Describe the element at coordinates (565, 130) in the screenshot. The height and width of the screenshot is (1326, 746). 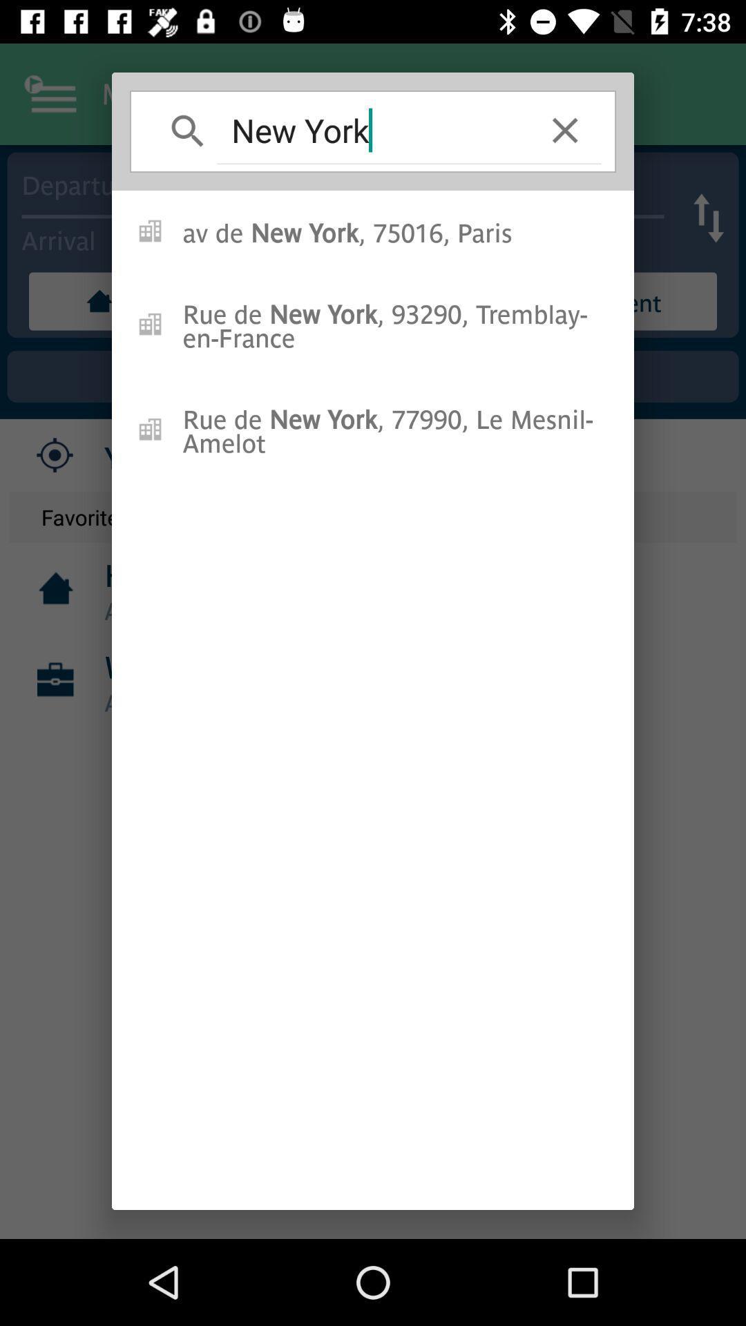
I see `item at the top right corner` at that location.